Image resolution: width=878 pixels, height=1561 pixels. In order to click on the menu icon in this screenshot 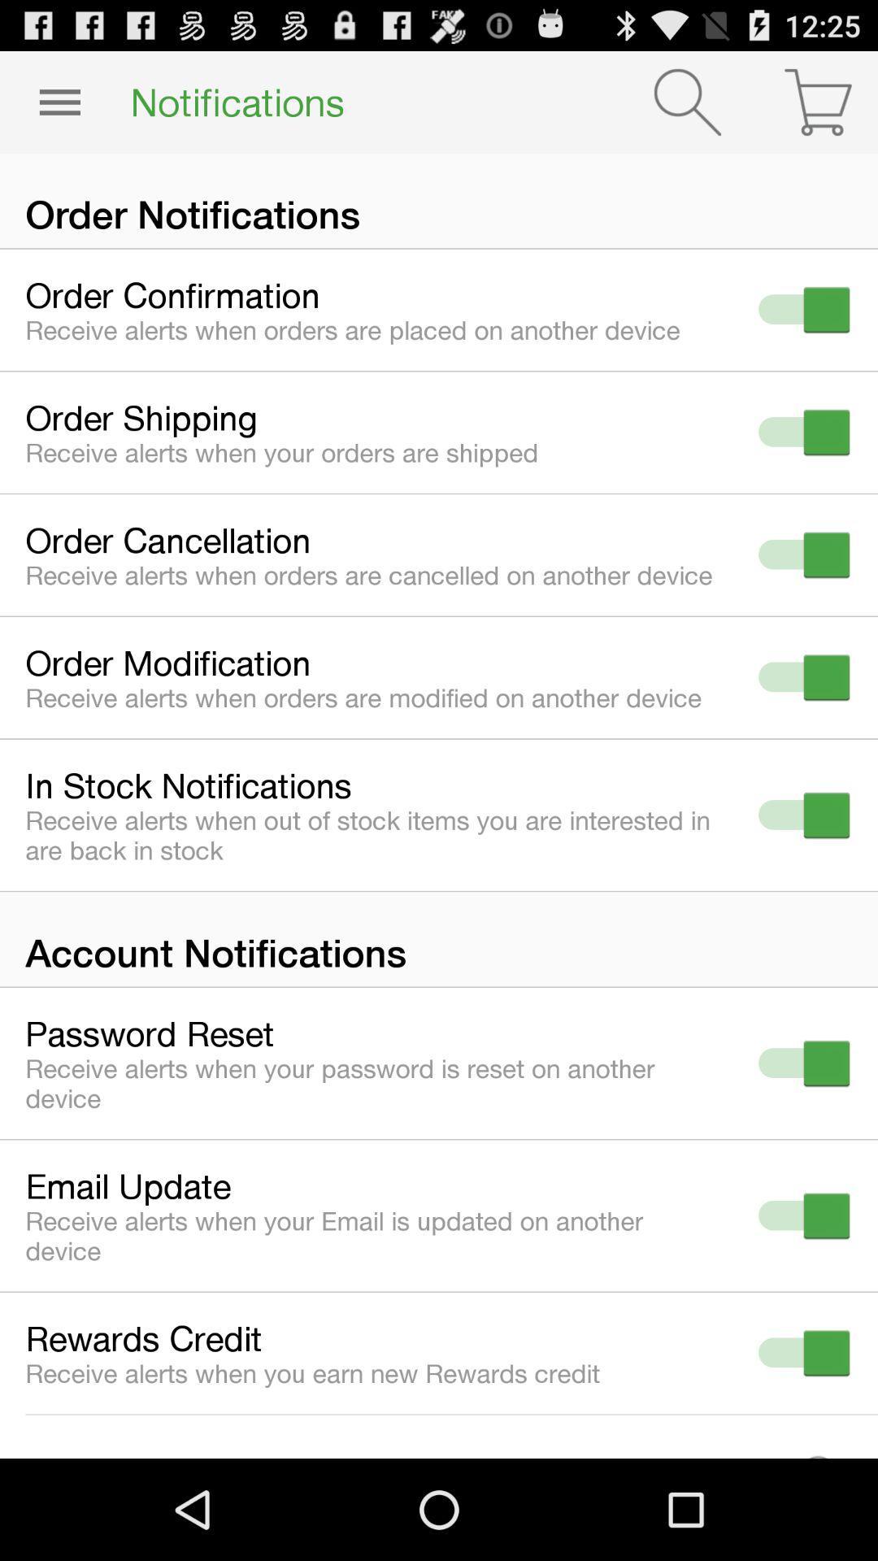, I will do `click(59, 108)`.